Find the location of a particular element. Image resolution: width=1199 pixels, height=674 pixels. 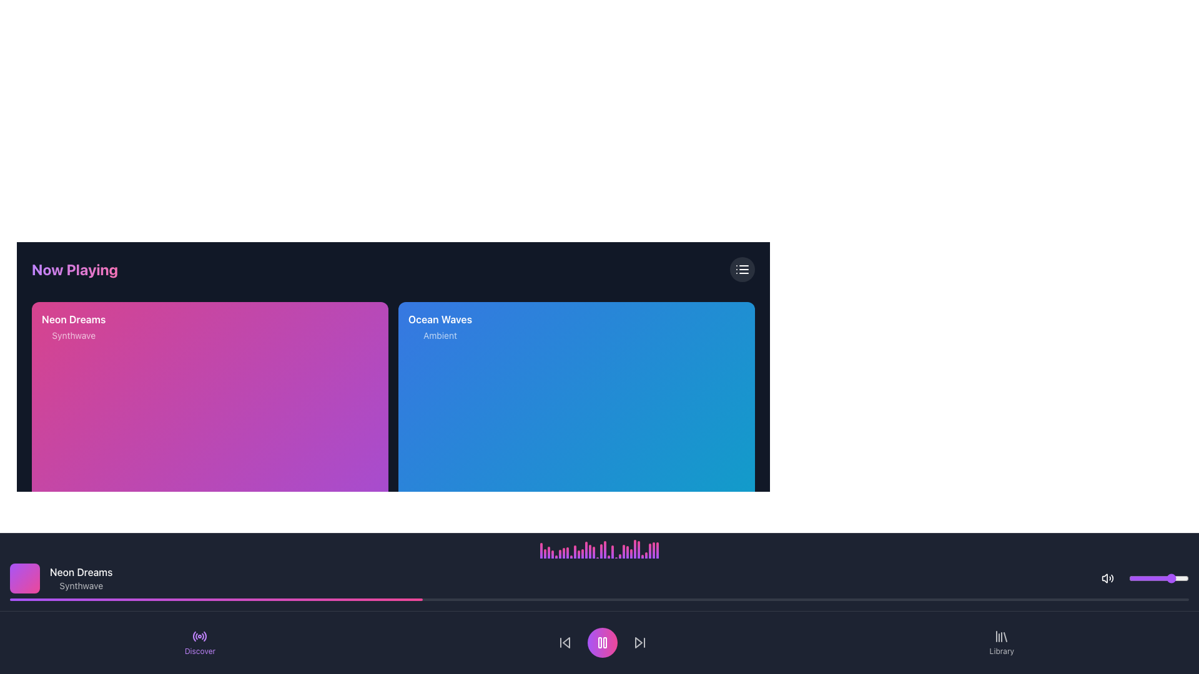

the slider is located at coordinates (1184, 578).